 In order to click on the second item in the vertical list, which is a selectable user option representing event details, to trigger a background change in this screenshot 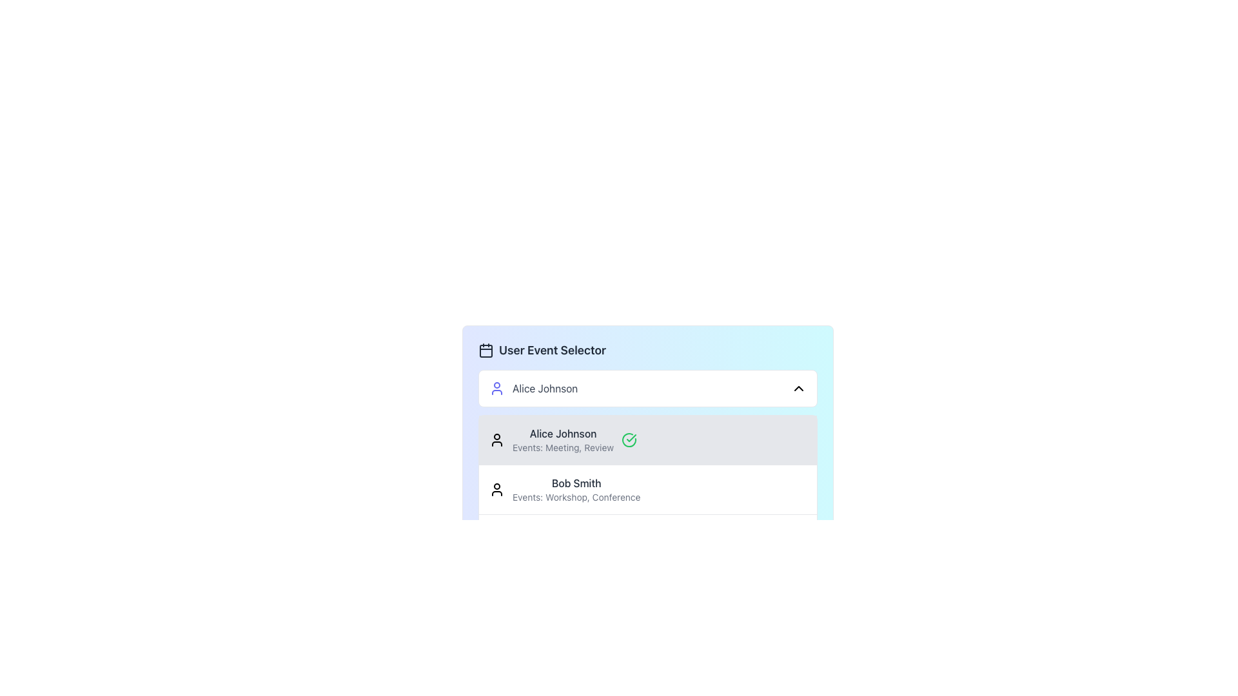, I will do `click(647, 489)`.